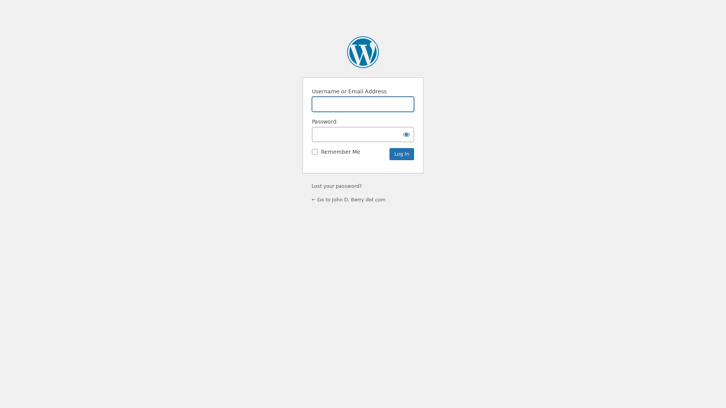 This screenshot has width=726, height=408. What do you see at coordinates (401, 154) in the screenshot?
I see `Log In` at bounding box center [401, 154].